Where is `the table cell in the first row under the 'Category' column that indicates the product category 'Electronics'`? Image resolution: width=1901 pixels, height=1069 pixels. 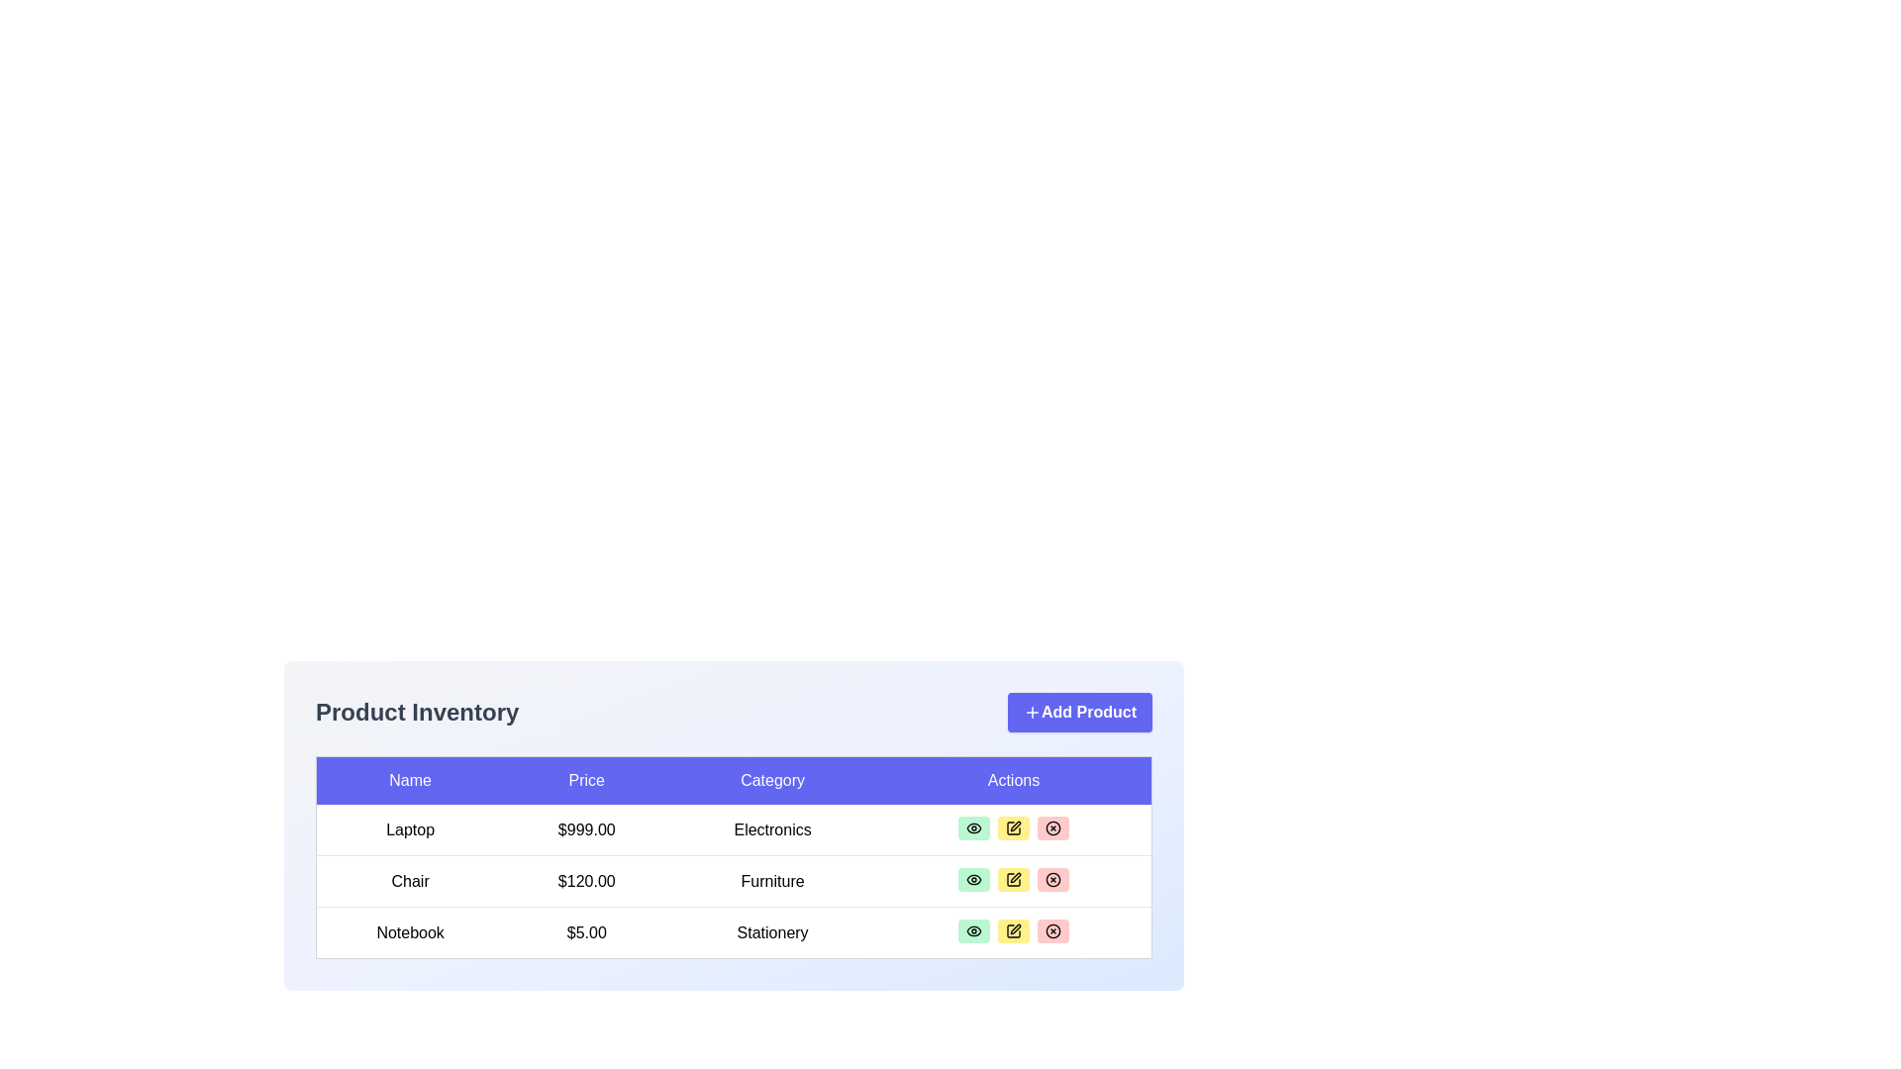
the table cell in the first row under the 'Category' column that indicates the product category 'Electronics' is located at coordinates (733, 822).